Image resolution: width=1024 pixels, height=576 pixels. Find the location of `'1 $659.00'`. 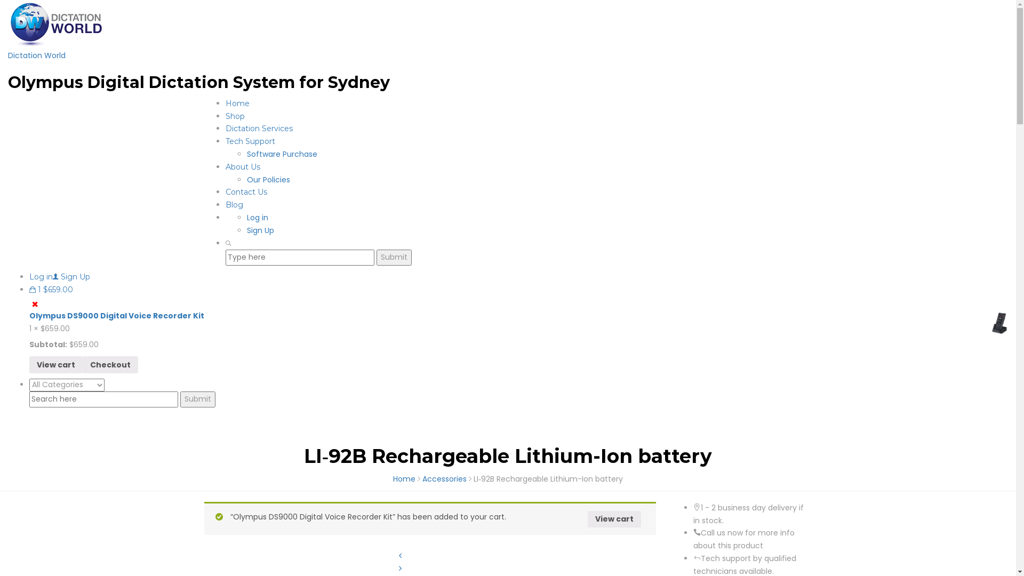

'1 $659.00' is located at coordinates (51, 290).